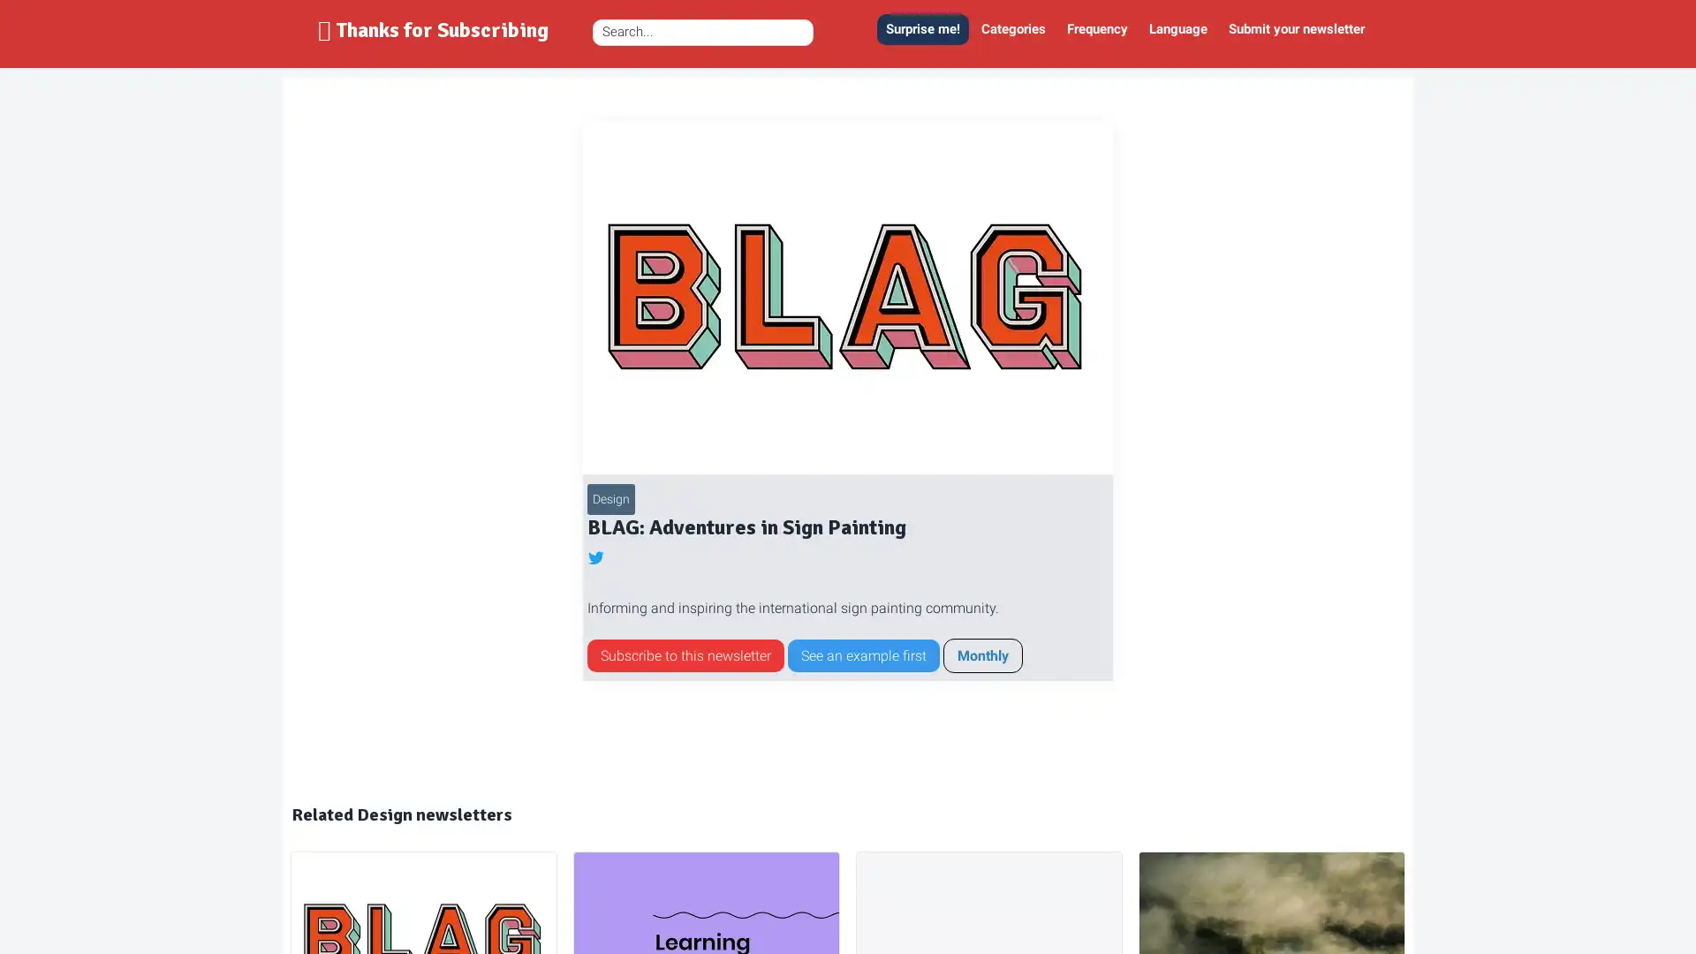  Describe the element at coordinates (812, 31) in the screenshot. I see `Zoek` at that location.